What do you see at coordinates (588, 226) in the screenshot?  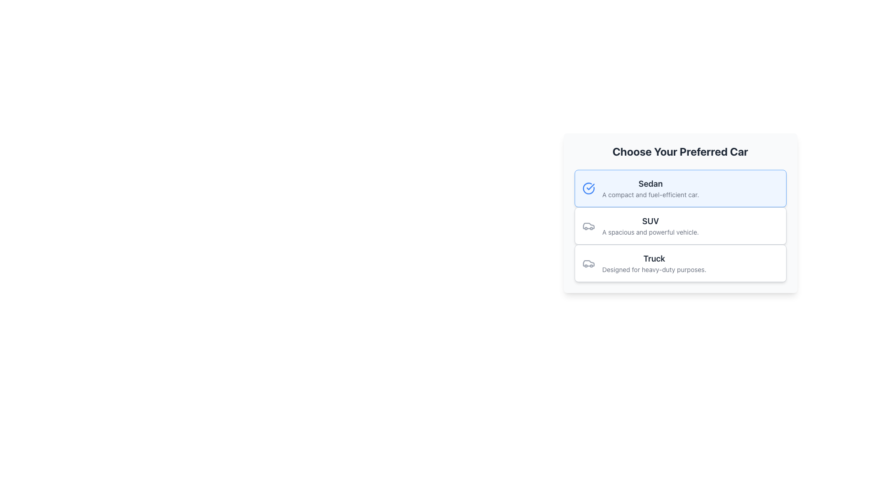 I see `the car icon that is gray and minimalistic, located to the left of the 'SUV' description` at bounding box center [588, 226].